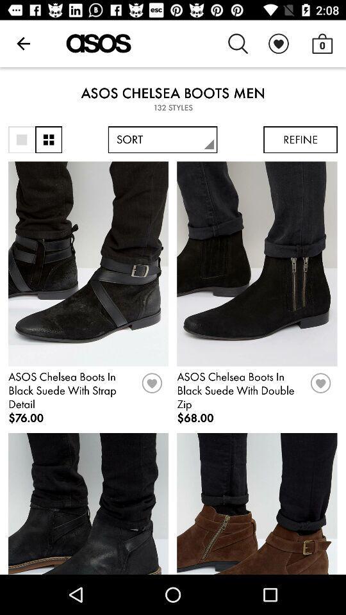 This screenshot has width=346, height=615. What do you see at coordinates (152, 387) in the screenshot?
I see `button` at bounding box center [152, 387].